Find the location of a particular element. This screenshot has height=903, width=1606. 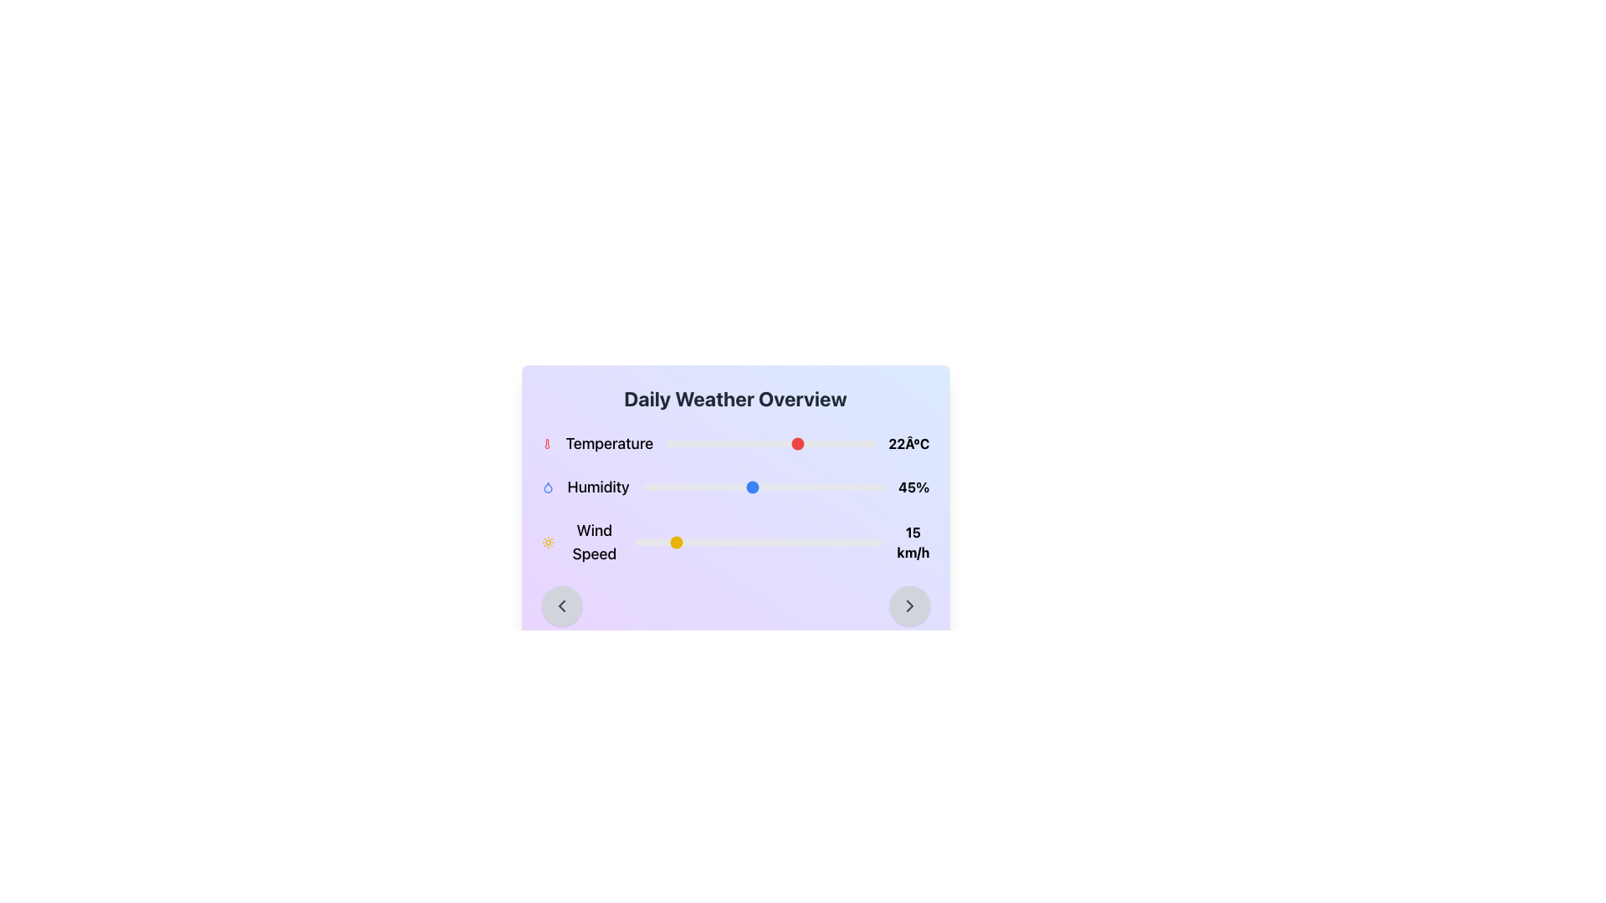

the wind speed is located at coordinates (863, 542).